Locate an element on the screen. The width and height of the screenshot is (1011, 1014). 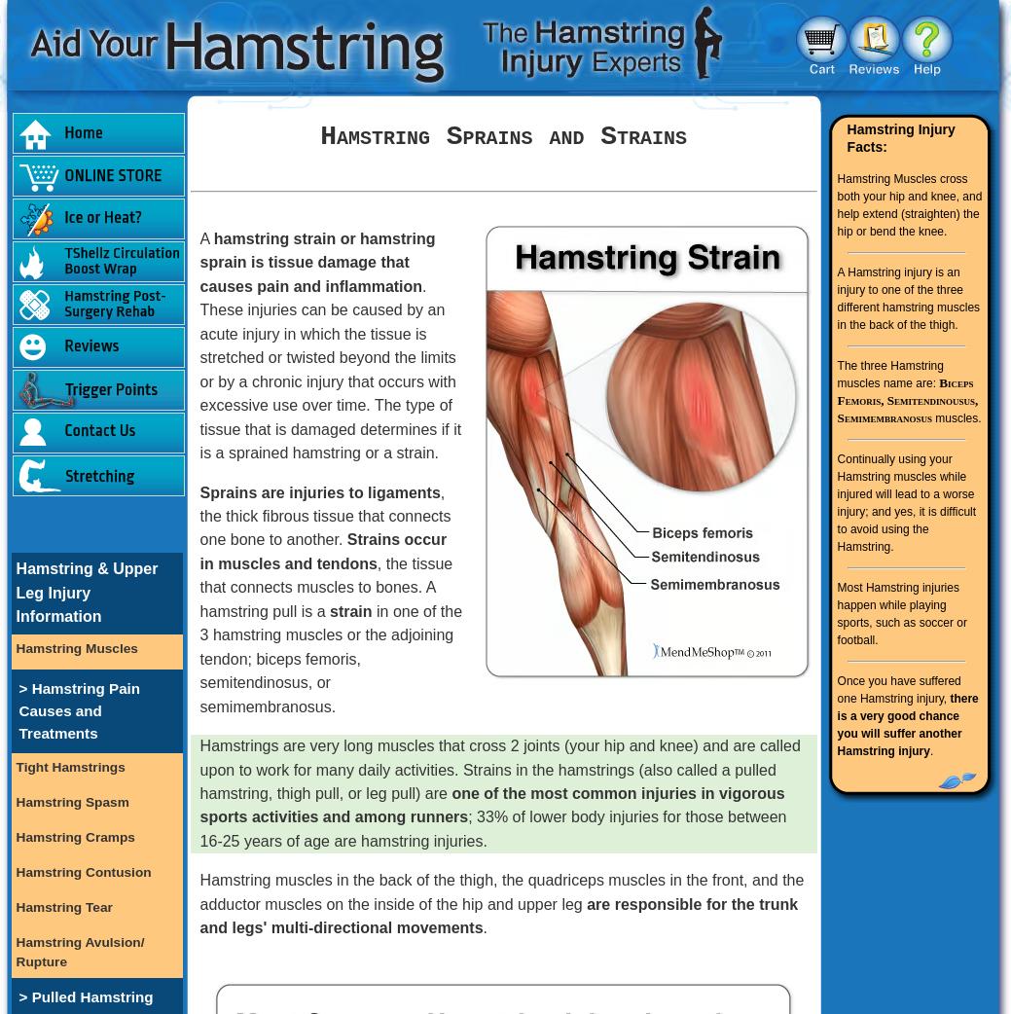
'Hamstring Muscles' is located at coordinates (75, 647).